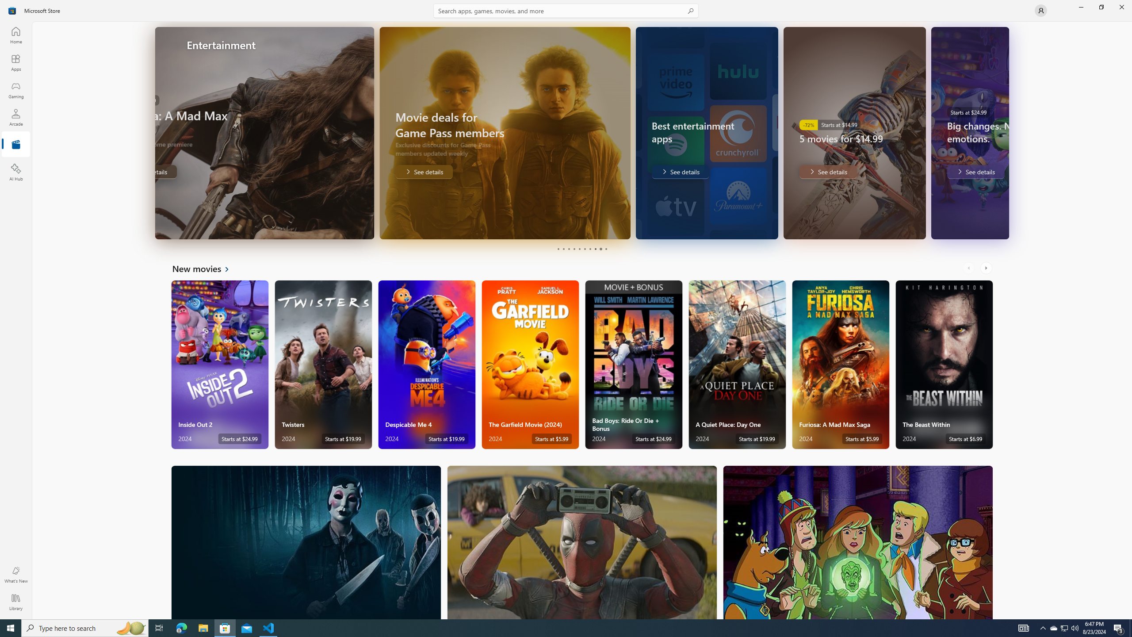 The width and height of the screenshot is (1132, 637). Describe the element at coordinates (562, 249) in the screenshot. I see `'Page 2'` at that location.